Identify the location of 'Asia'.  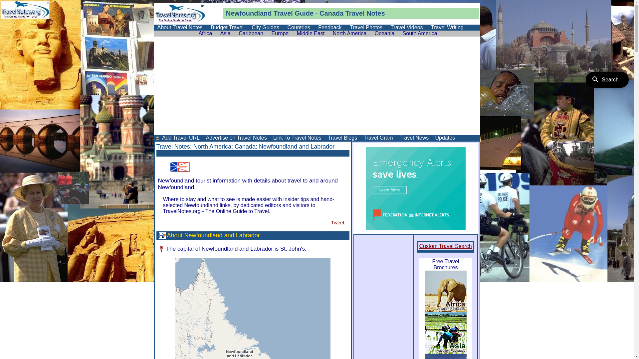
(225, 33).